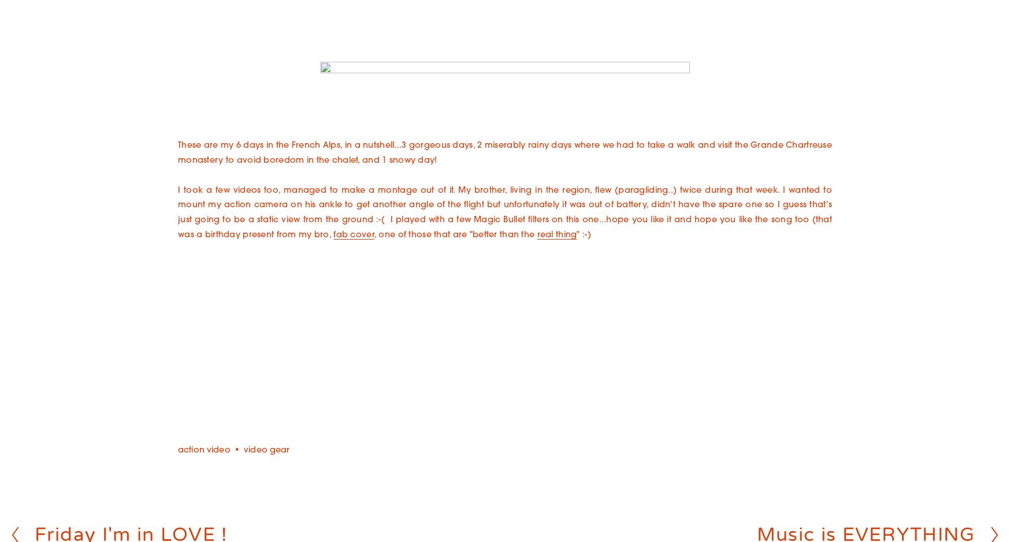 Image resolution: width=1010 pixels, height=542 pixels. I want to click on 'action video', so click(203, 450).